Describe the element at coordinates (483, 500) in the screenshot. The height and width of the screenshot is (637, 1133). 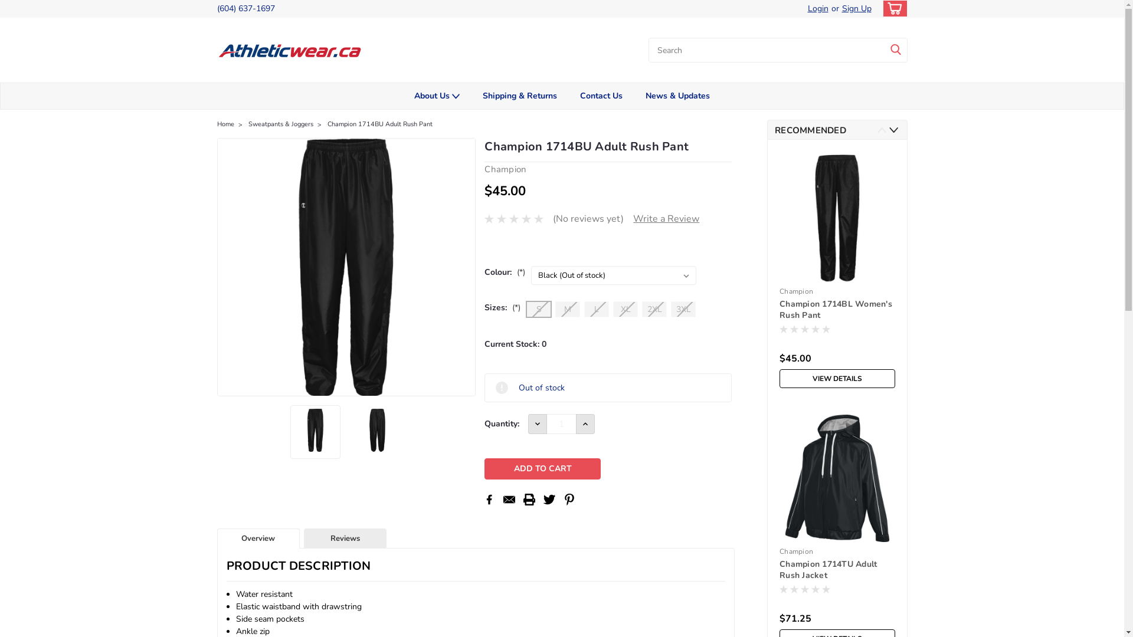
I see `'Facebook'` at that location.